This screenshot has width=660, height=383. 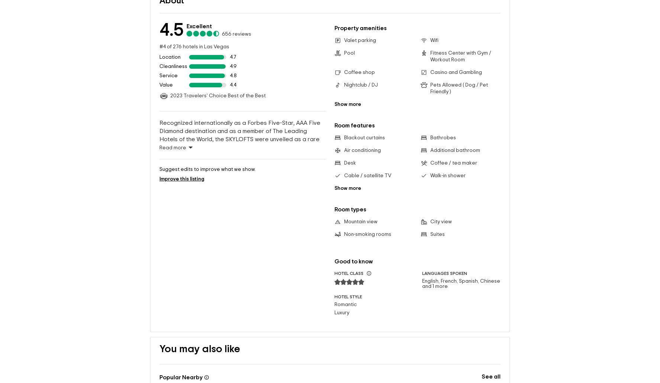 I want to click on 'See all', so click(x=491, y=364).